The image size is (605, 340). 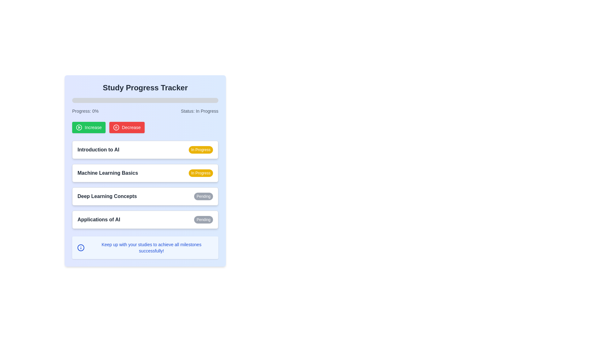 What do you see at coordinates (200, 150) in the screenshot?
I see `the non-interactive status label indicating that the course 'Introduction to AI' is currently in progress, located at the right end of its row in the study tracker` at bounding box center [200, 150].